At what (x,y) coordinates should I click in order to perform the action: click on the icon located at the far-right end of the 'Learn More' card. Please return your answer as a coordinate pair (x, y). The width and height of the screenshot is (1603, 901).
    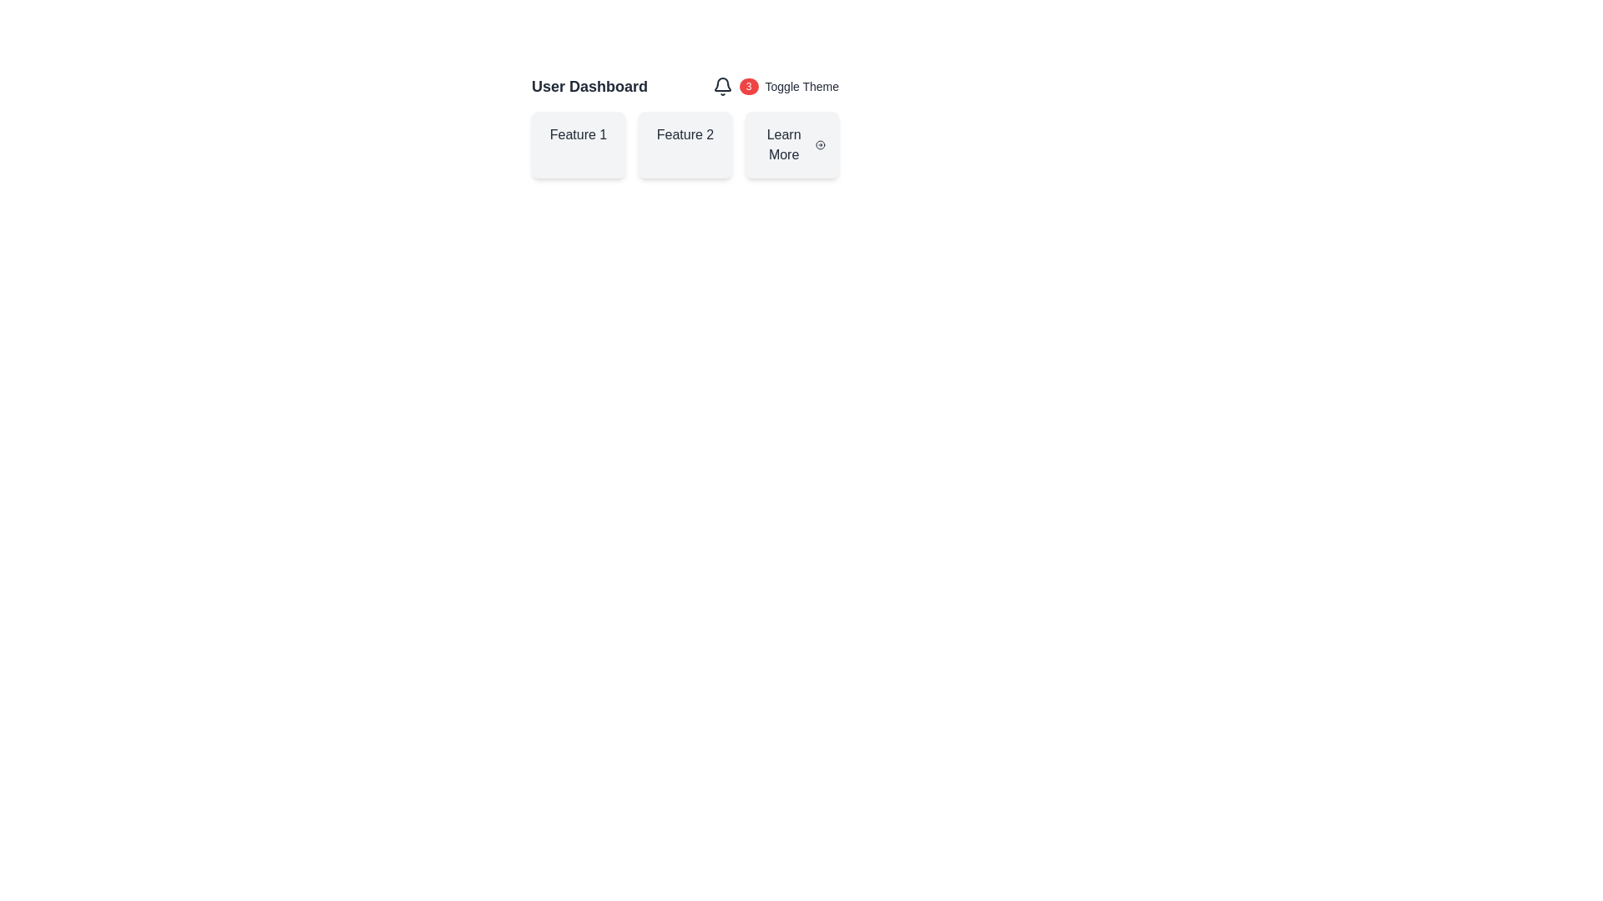
    Looking at the image, I should click on (821, 143).